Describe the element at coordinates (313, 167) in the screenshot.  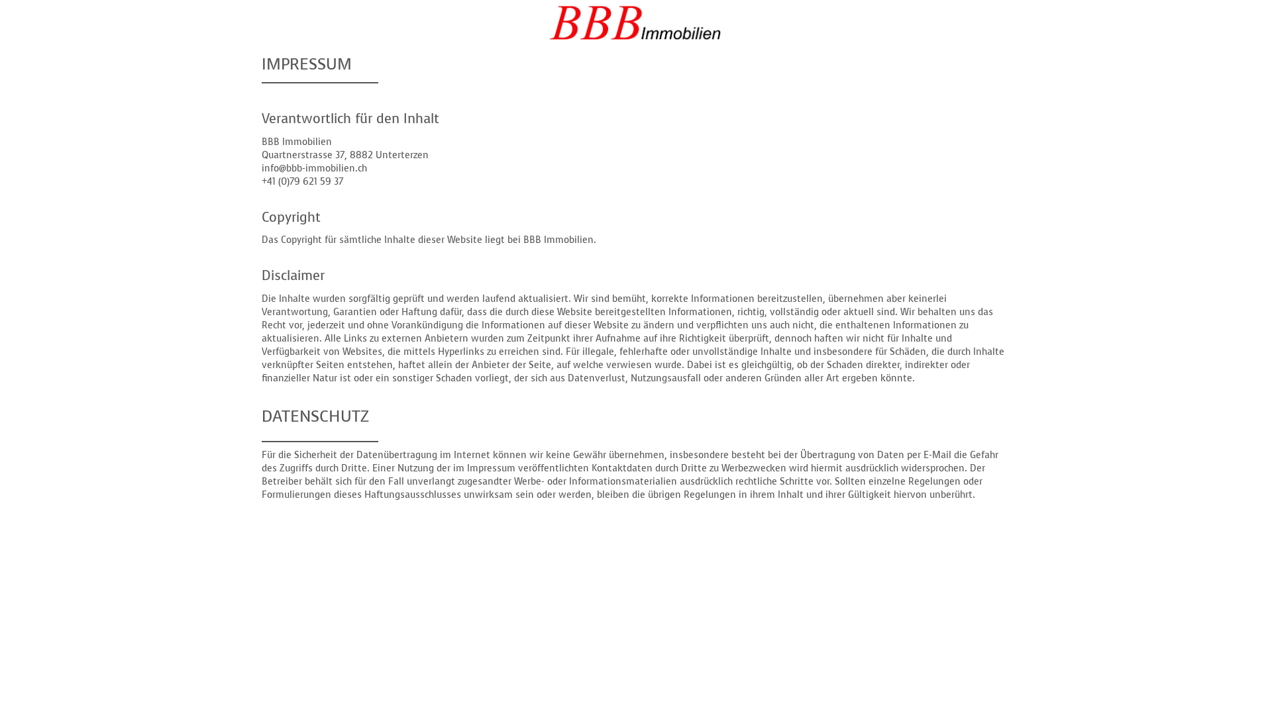
I see `'info@bbb-immobilien.ch'` at that location.